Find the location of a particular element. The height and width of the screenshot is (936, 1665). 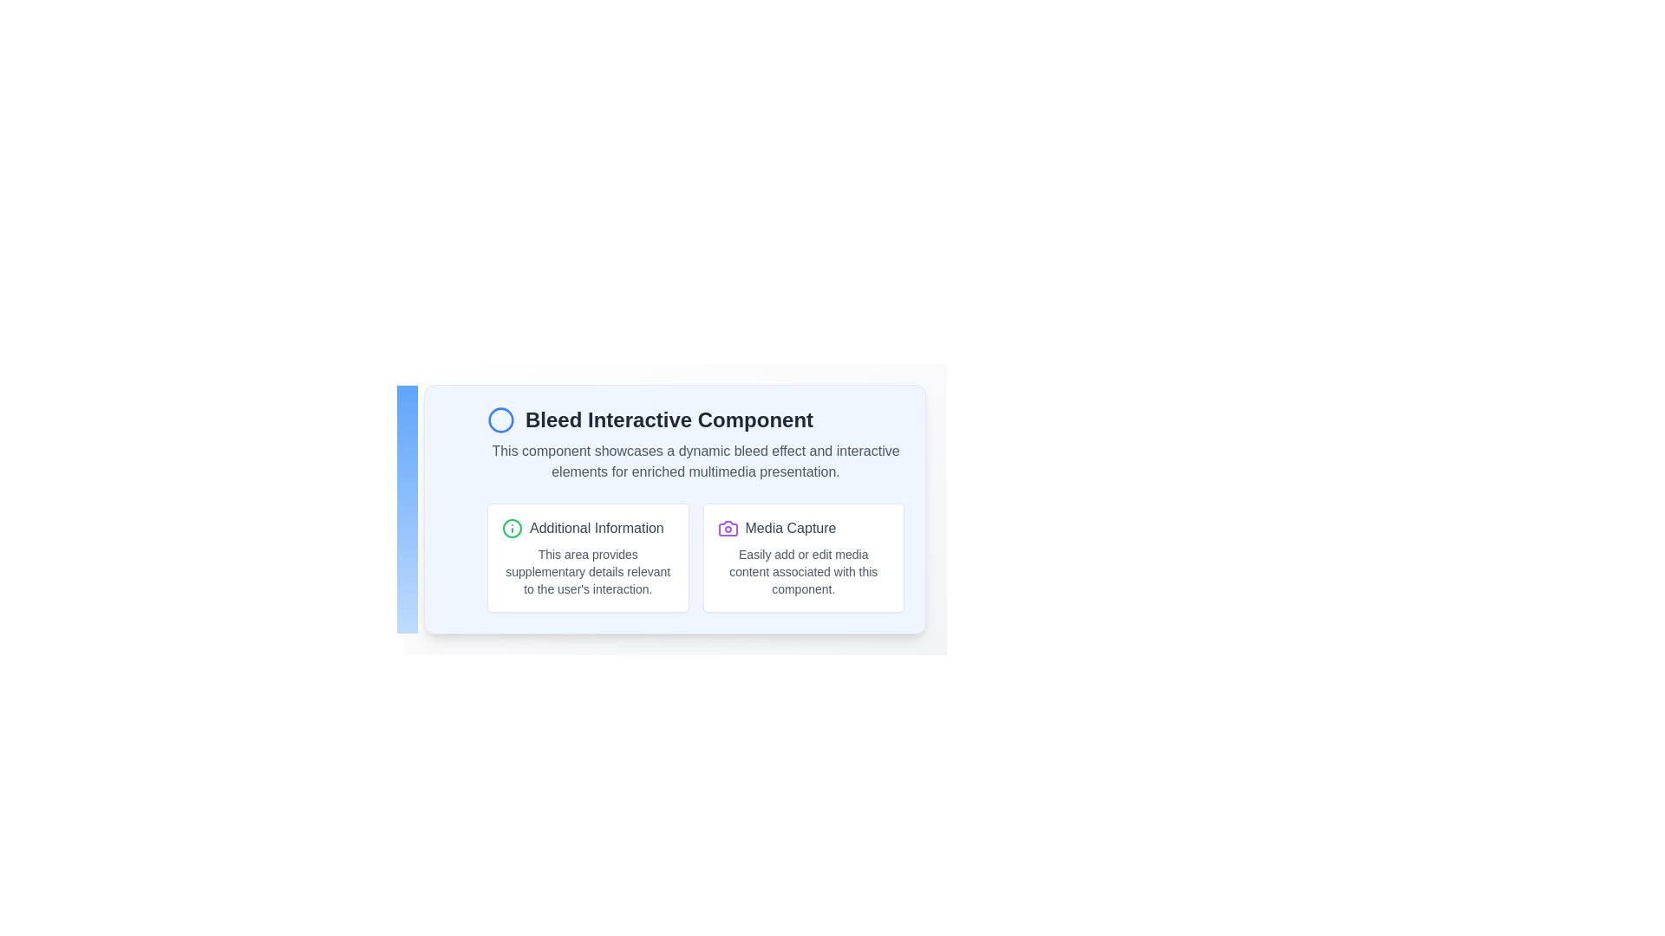

the circular 'info' icon with a hollow green border located to the left of the 'Additional Information' text is located at coordinates (511, 527).